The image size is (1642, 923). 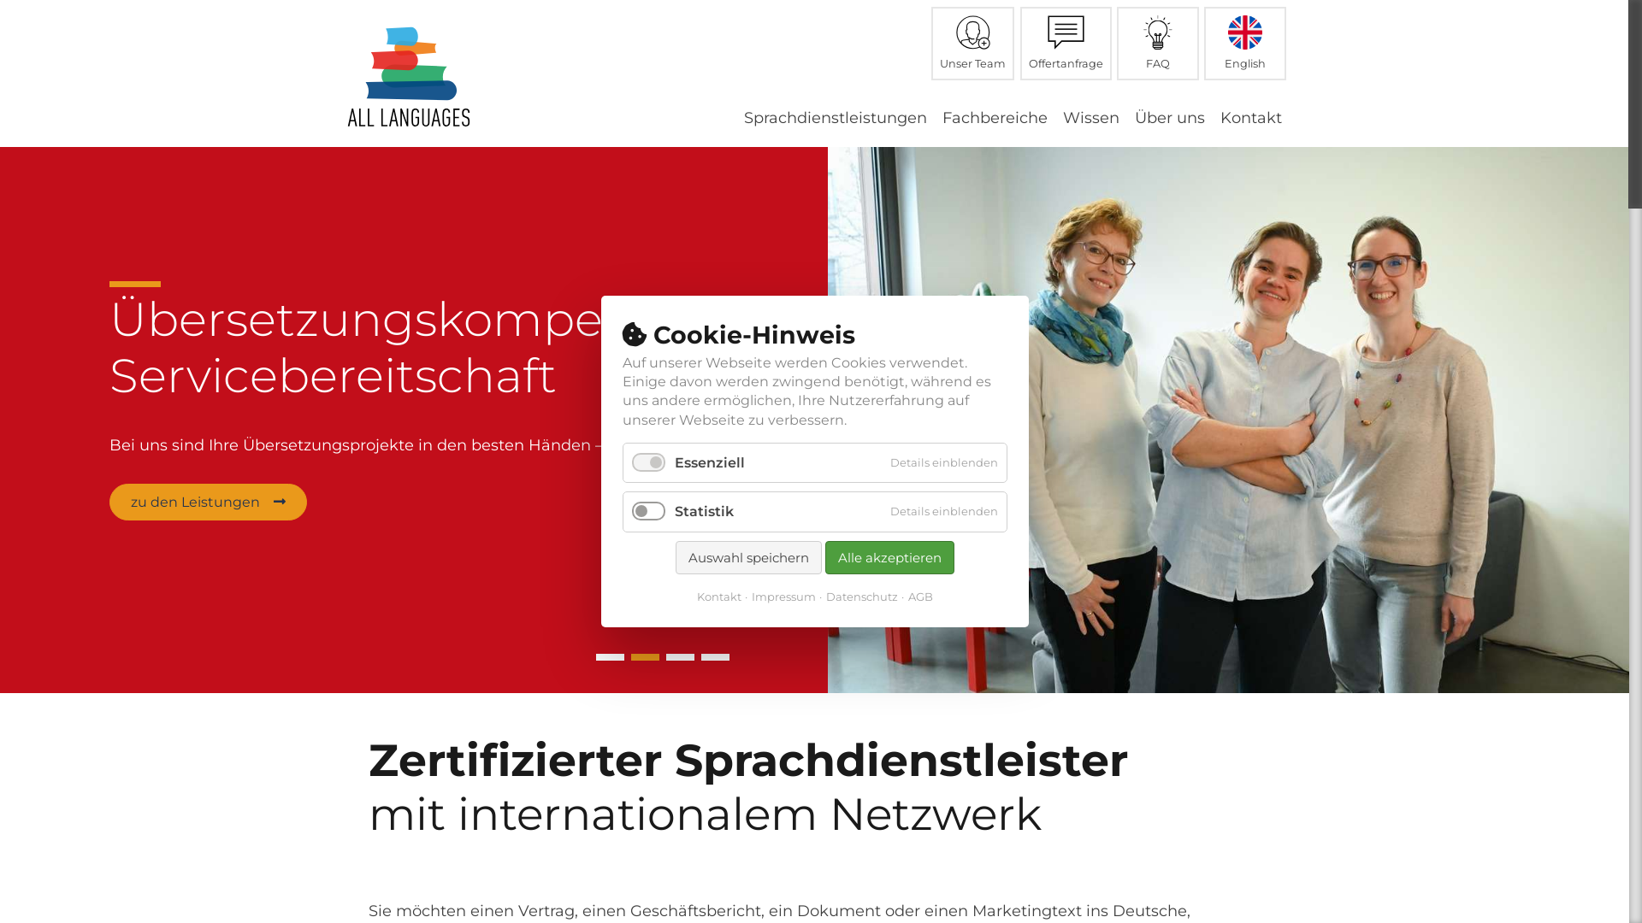 What do you see at coordinates (836, 120) in the screenshot?
I see `'Sprachdienstleistungen'` at bounding box center [836, 120].